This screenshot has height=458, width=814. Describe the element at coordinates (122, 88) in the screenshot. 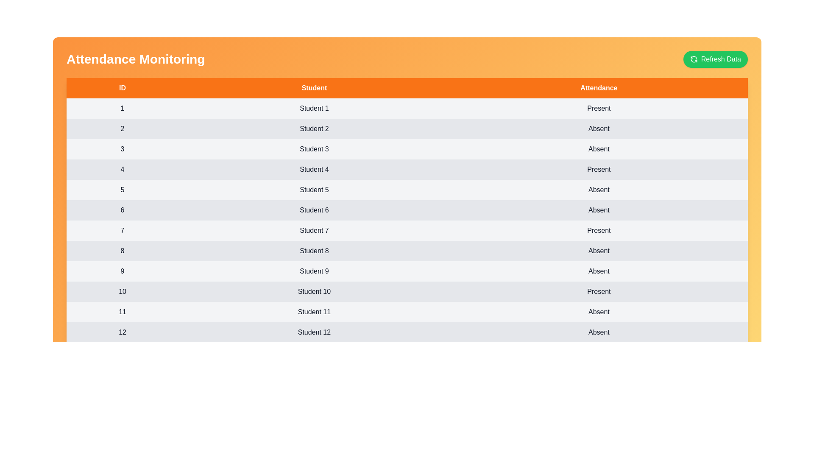

I see `the header ID to sort the table by that column` at that location.